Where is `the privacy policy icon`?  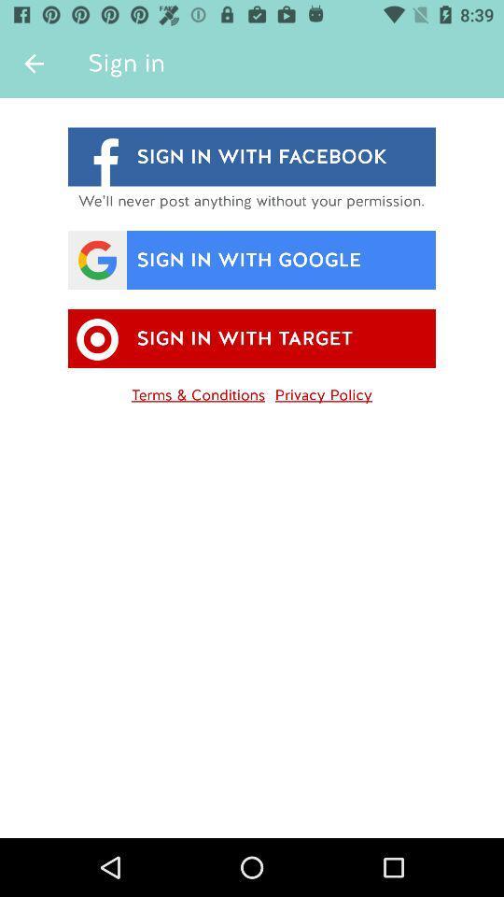 the privacy policy icon is located at coordinates (322, 391).